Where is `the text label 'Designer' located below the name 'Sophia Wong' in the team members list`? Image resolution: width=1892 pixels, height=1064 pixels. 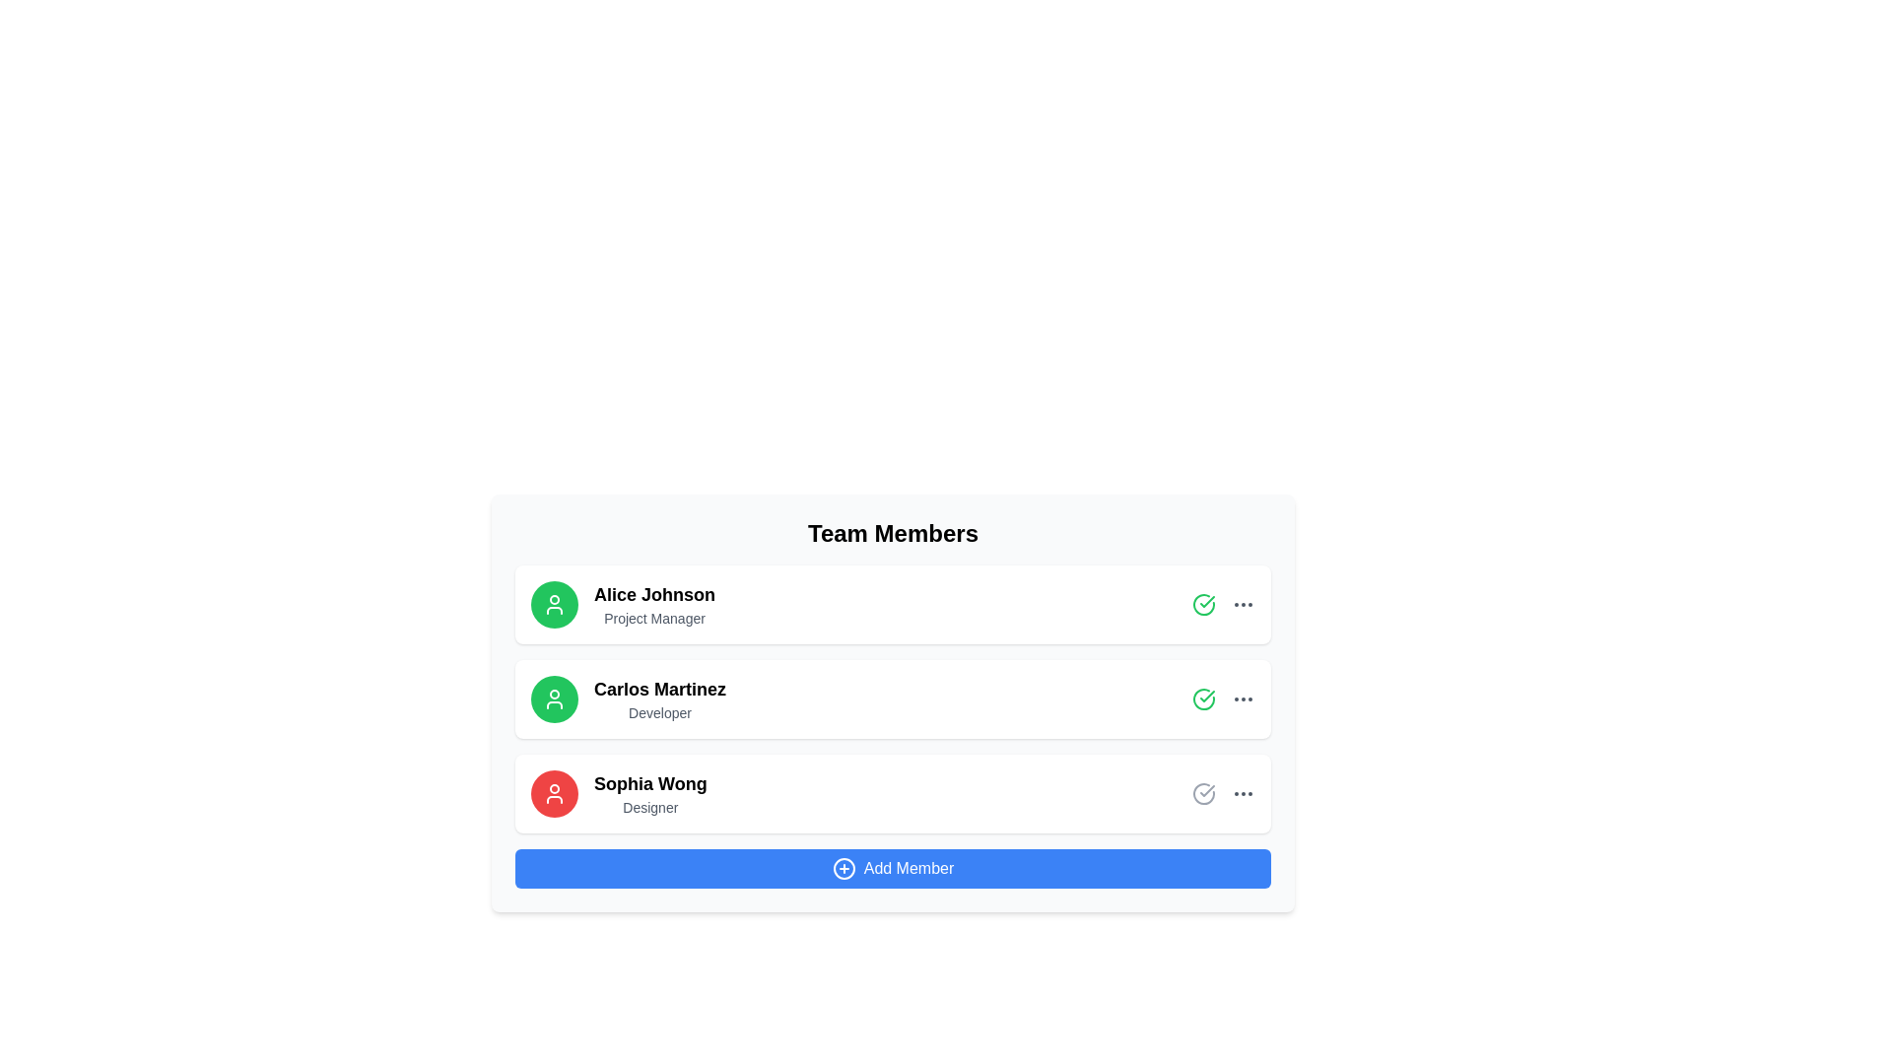 the text label 'Designer' located below the name 'Sophia Wong' in the team members list is located at coordinates (650, 808).